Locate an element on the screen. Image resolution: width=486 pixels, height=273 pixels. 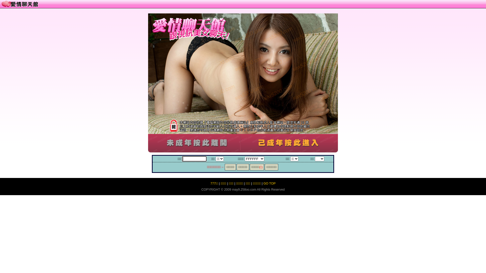
'GO TOP' is located at coordinates (269, 183).